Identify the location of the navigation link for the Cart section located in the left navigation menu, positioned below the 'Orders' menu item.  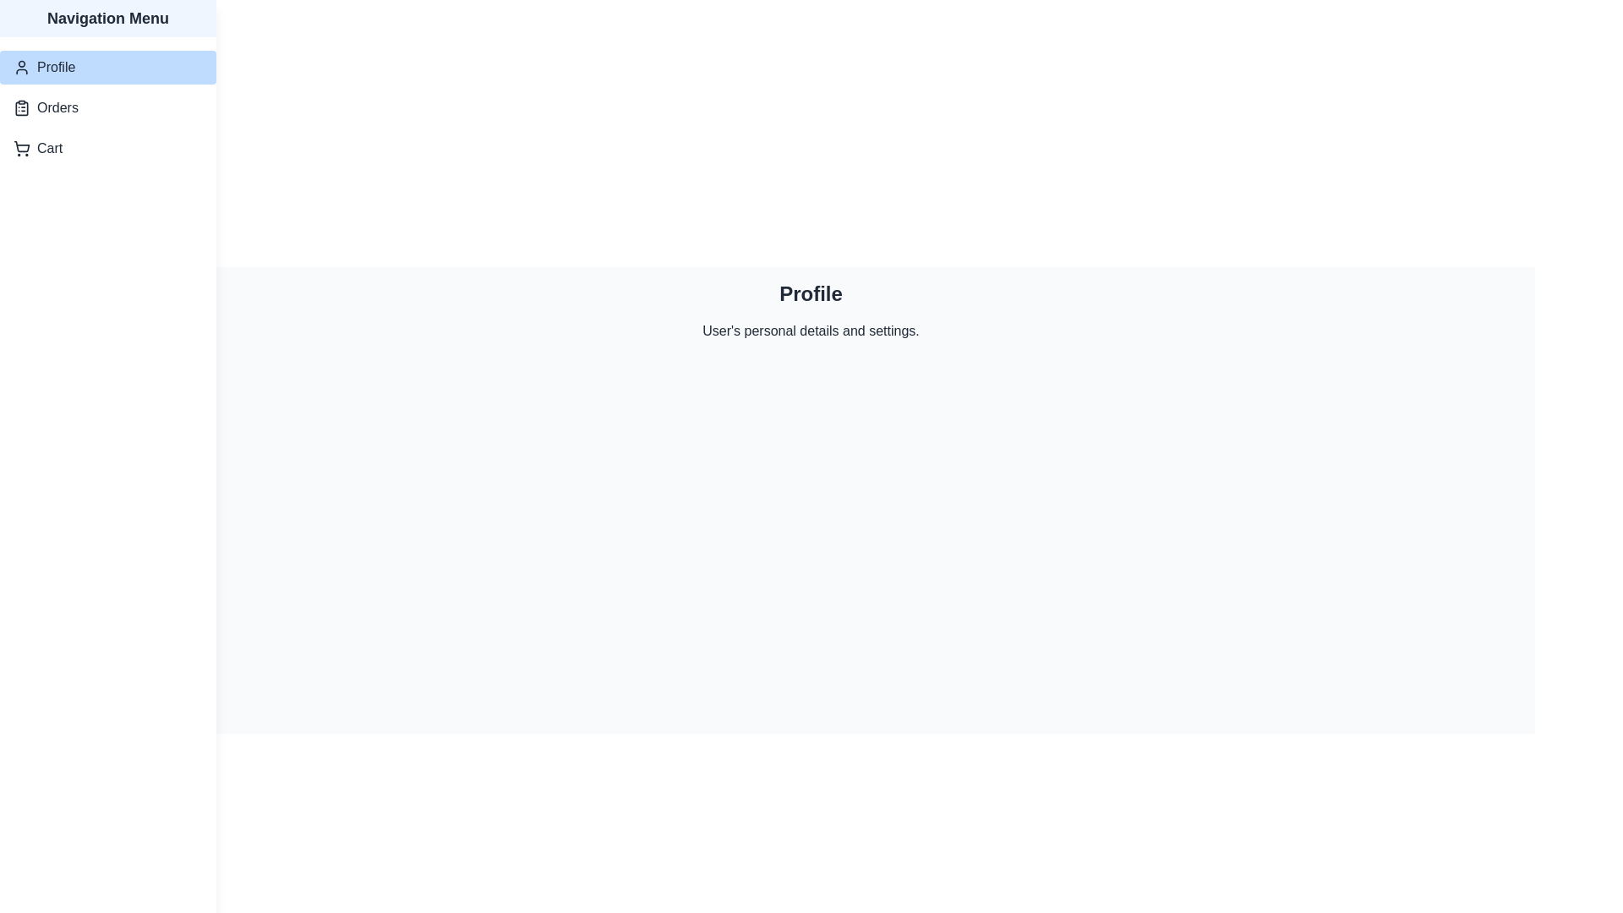
(107, 148).